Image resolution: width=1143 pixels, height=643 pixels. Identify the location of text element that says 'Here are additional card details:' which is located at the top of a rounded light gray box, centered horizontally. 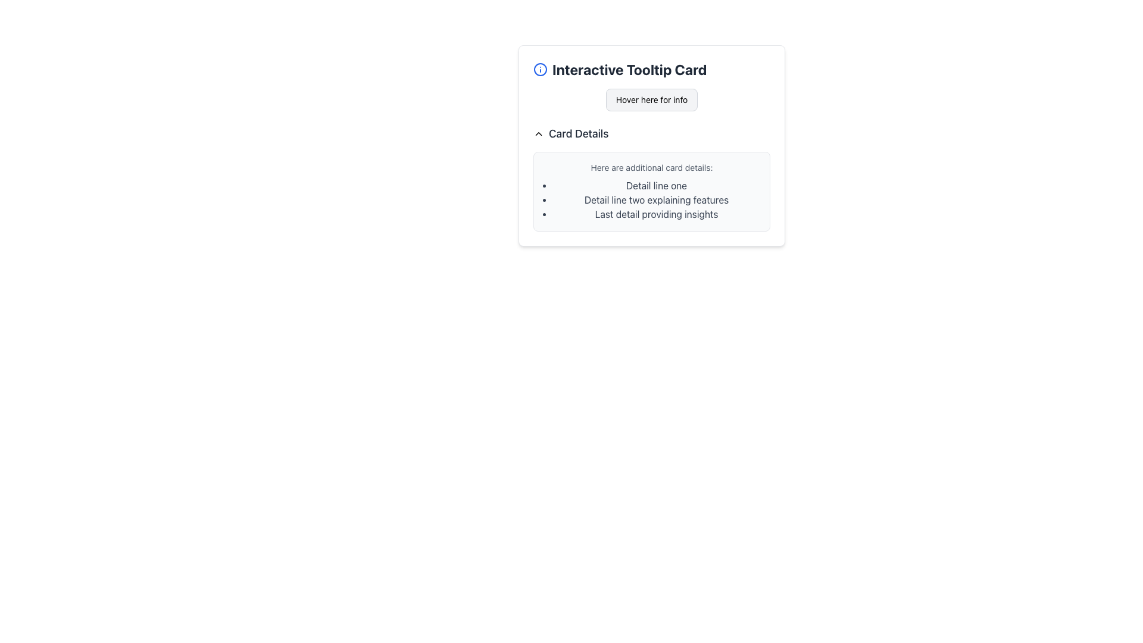
(651, 167).